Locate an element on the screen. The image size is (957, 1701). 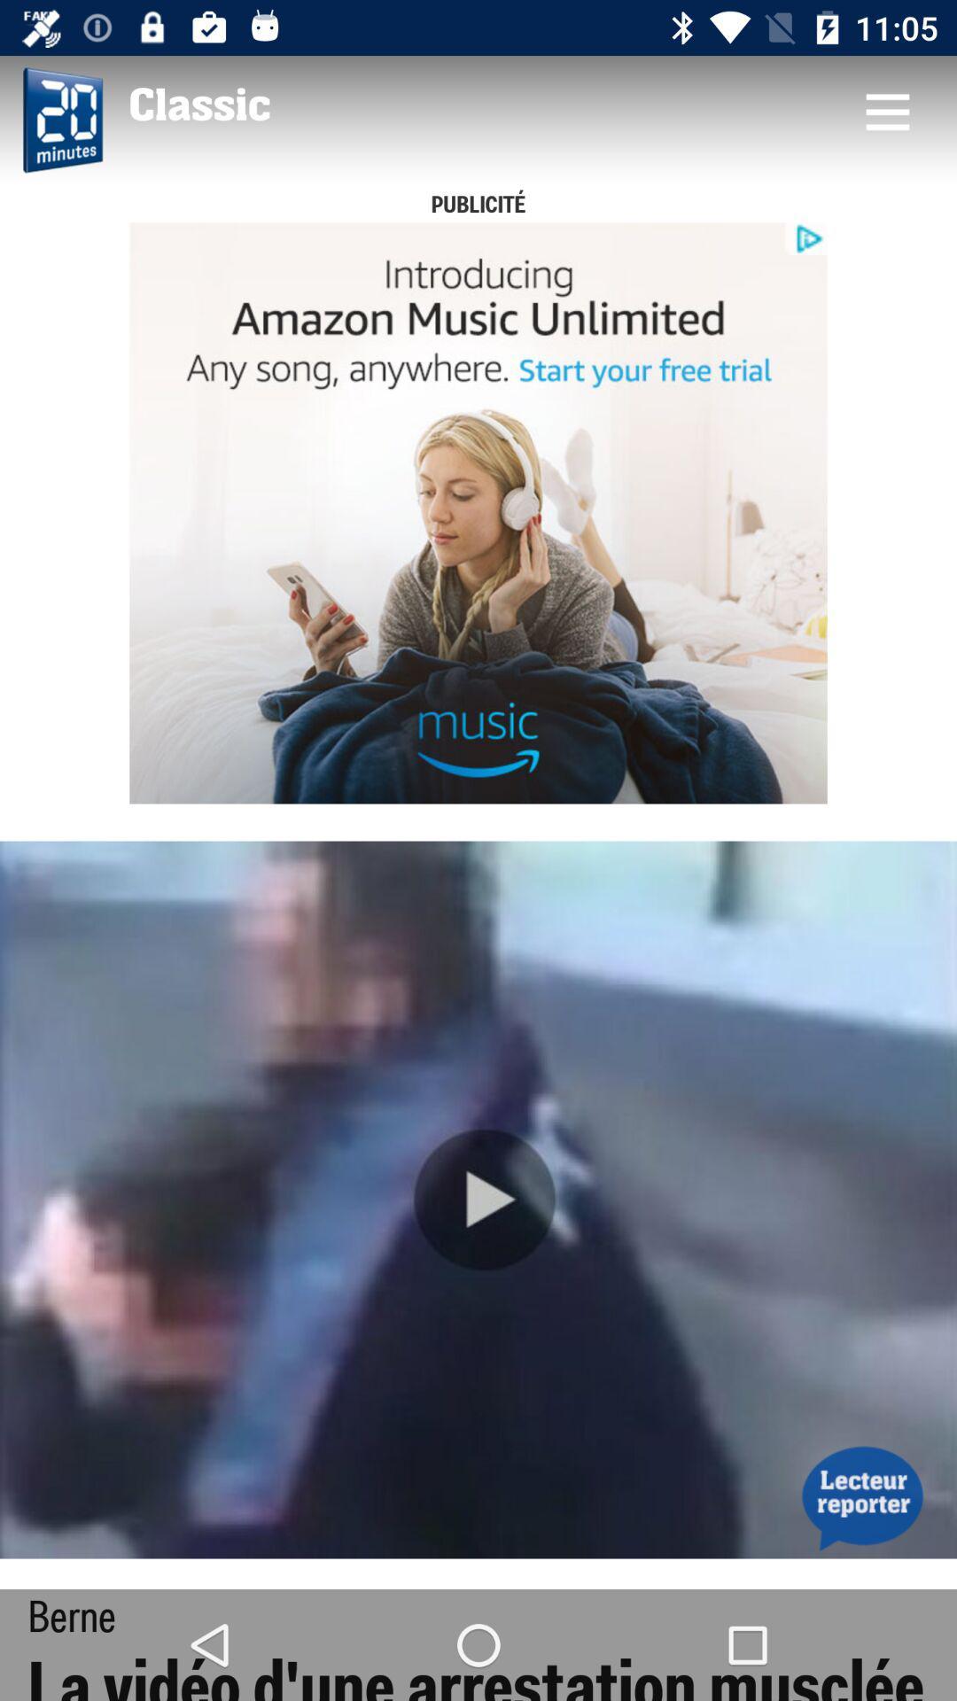
menu icon is located at coordinates (887, 110).